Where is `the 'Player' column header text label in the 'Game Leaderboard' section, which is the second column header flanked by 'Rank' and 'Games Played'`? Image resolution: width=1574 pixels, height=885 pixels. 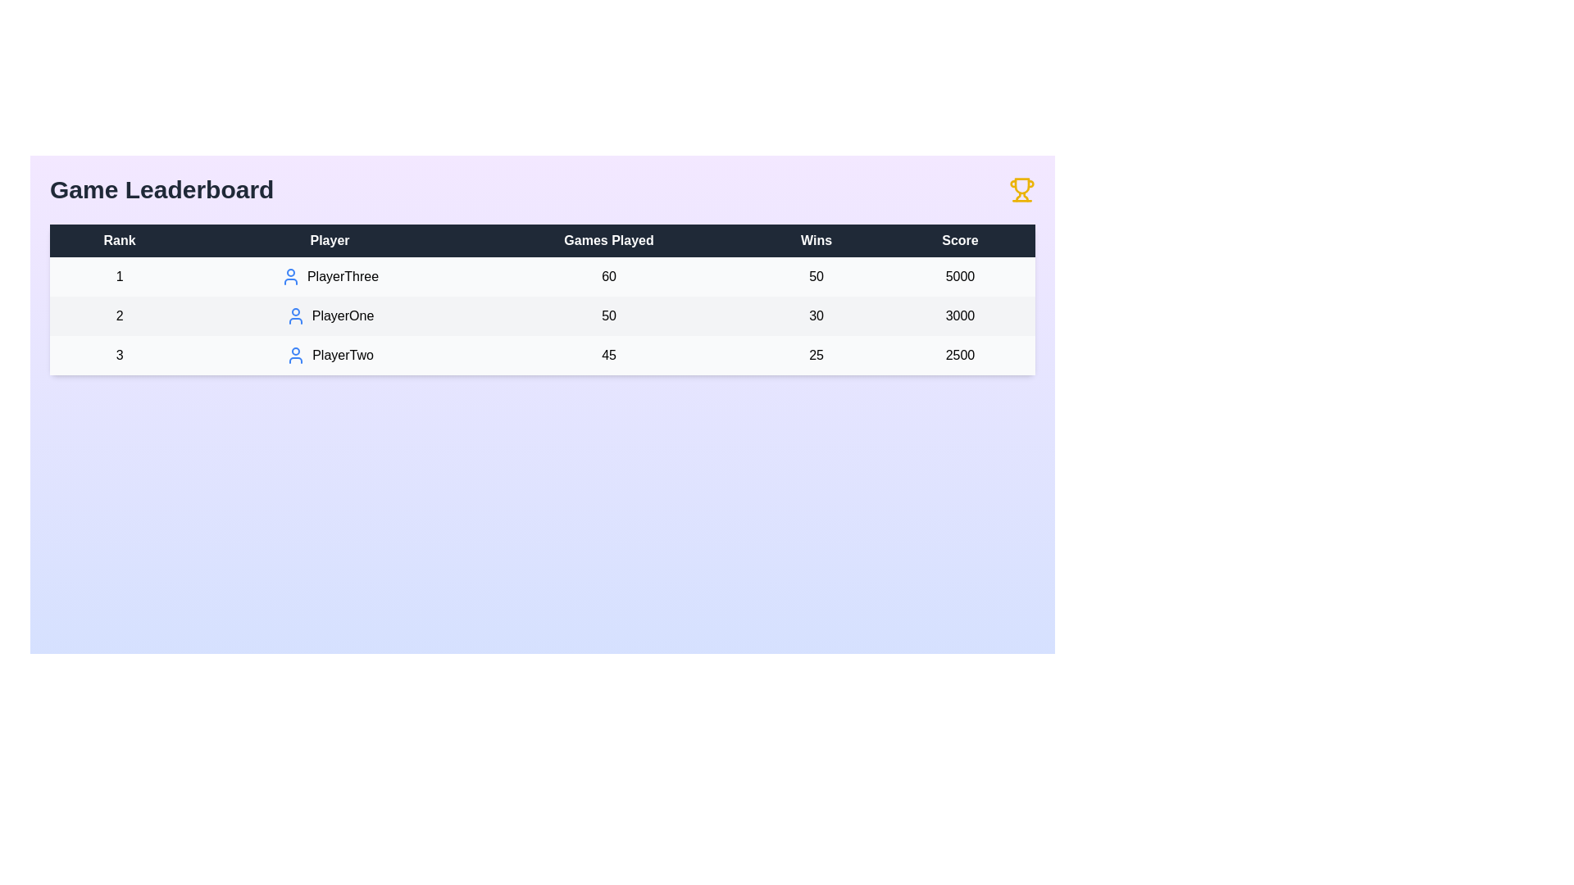 the 'Player' column header text label in the 'Game Leaderboard' section, which is the second column header flanked by 'Rank' and 'Games Played' is located at coordinates (329, 240).